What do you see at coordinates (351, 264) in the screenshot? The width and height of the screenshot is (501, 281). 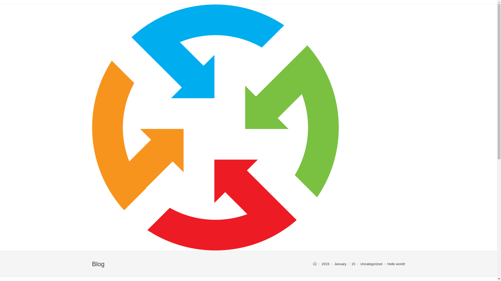 I see `'15'` at bounding box center [351, 264].